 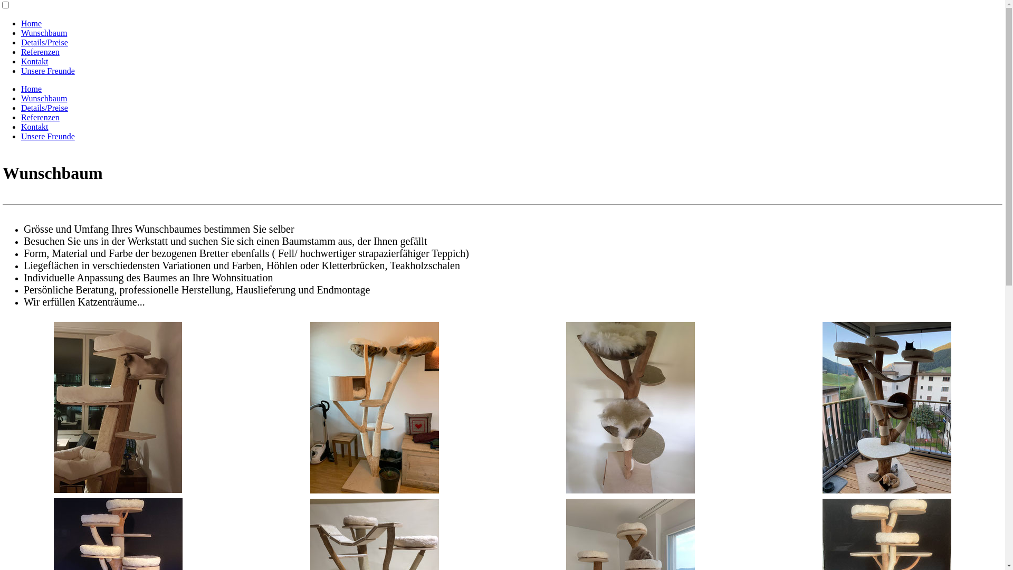 I want to click on 'Wunschbaum', so click(x=43, y=32).